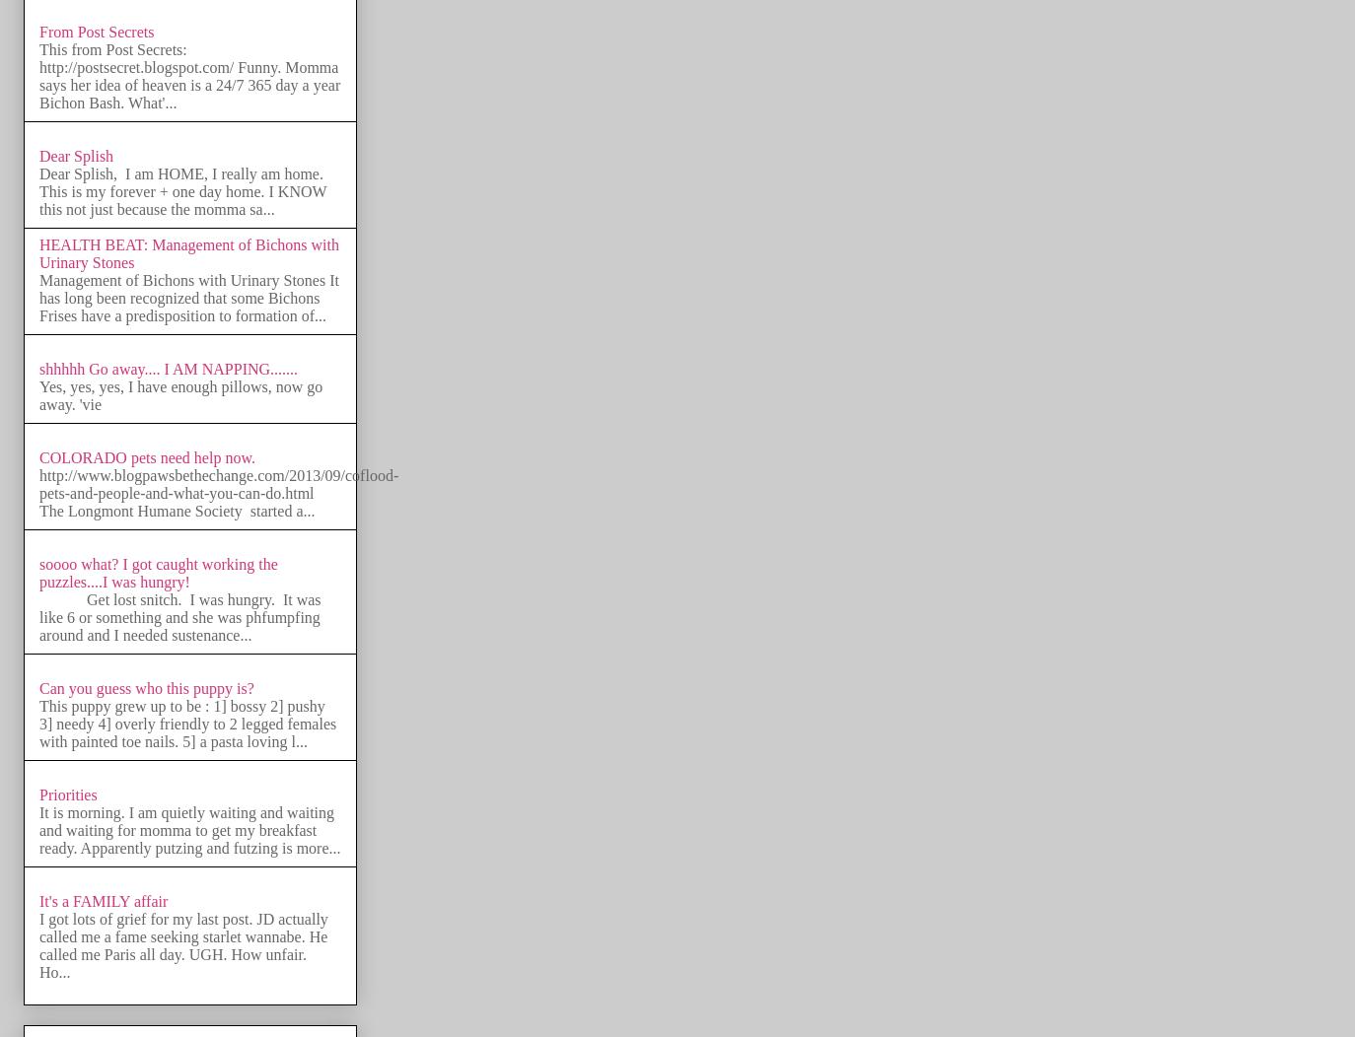 The image size is (1355, 1037). Describe the element at coordinates (183, 191) in the screenshot. I see `'Dear Splish,      I am HOME, I really am home.       This is my forever + one day home.     I KNOW this not just because the momma sa...'` at that location.